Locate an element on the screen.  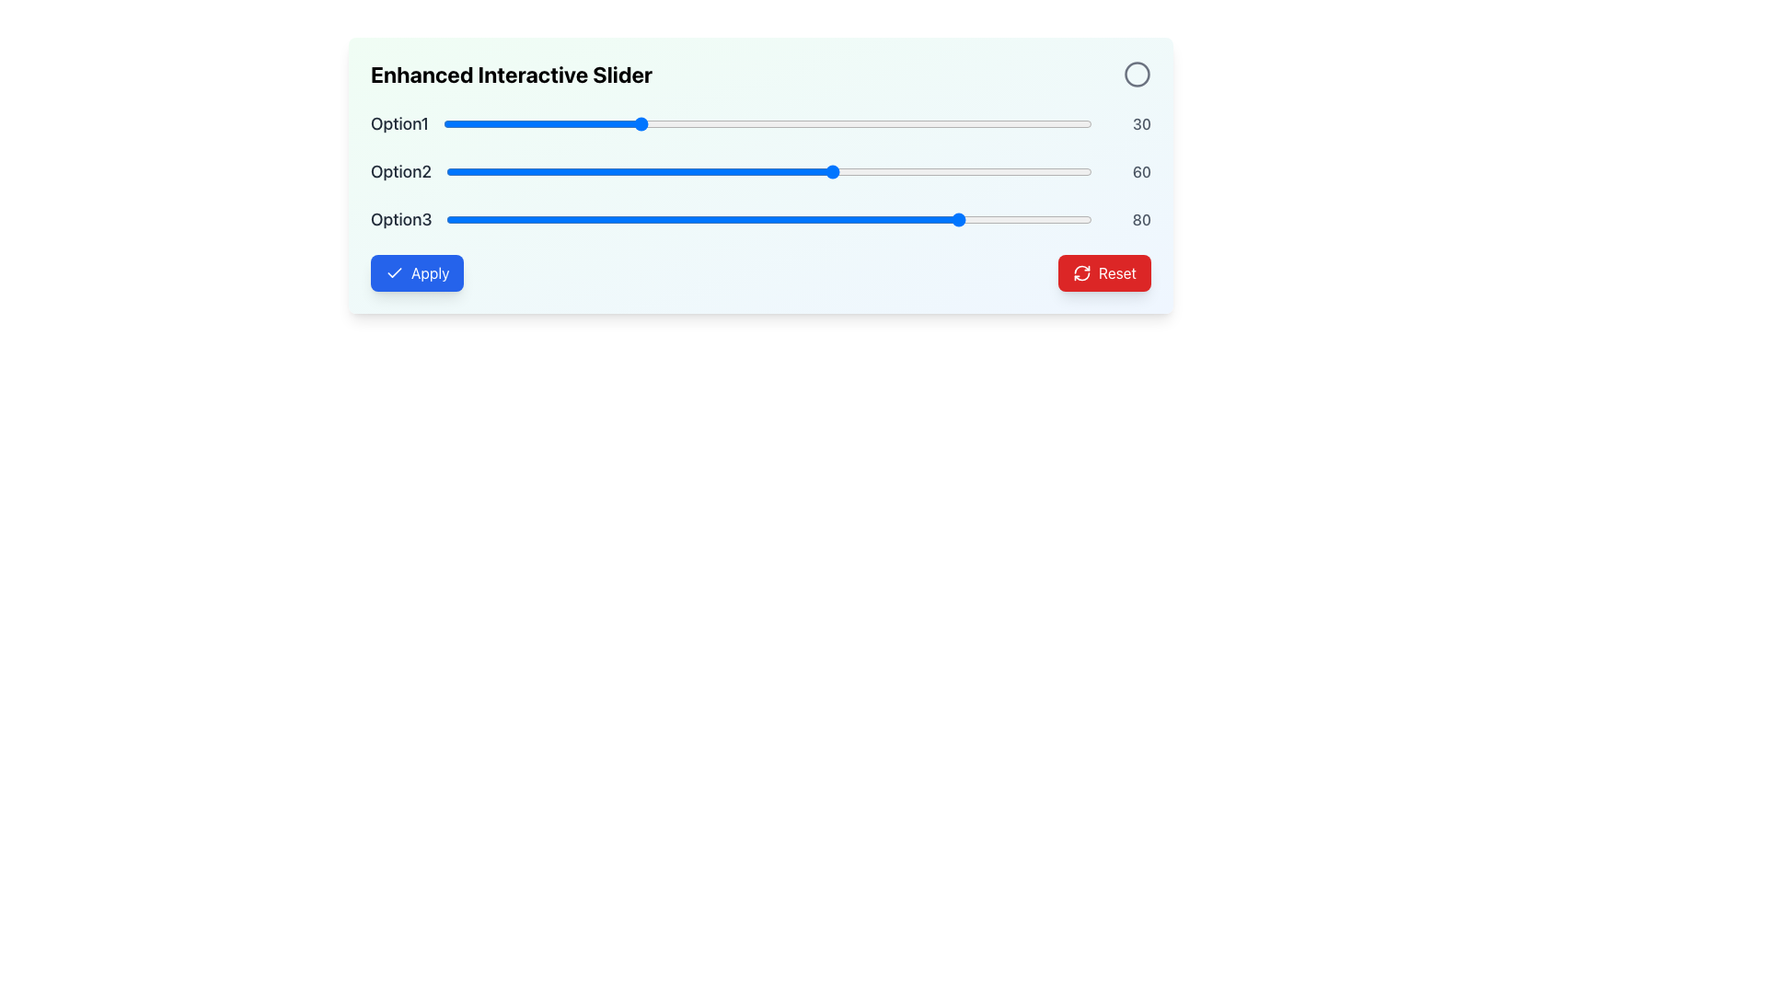
the slider is located at coordinates (917, 124).